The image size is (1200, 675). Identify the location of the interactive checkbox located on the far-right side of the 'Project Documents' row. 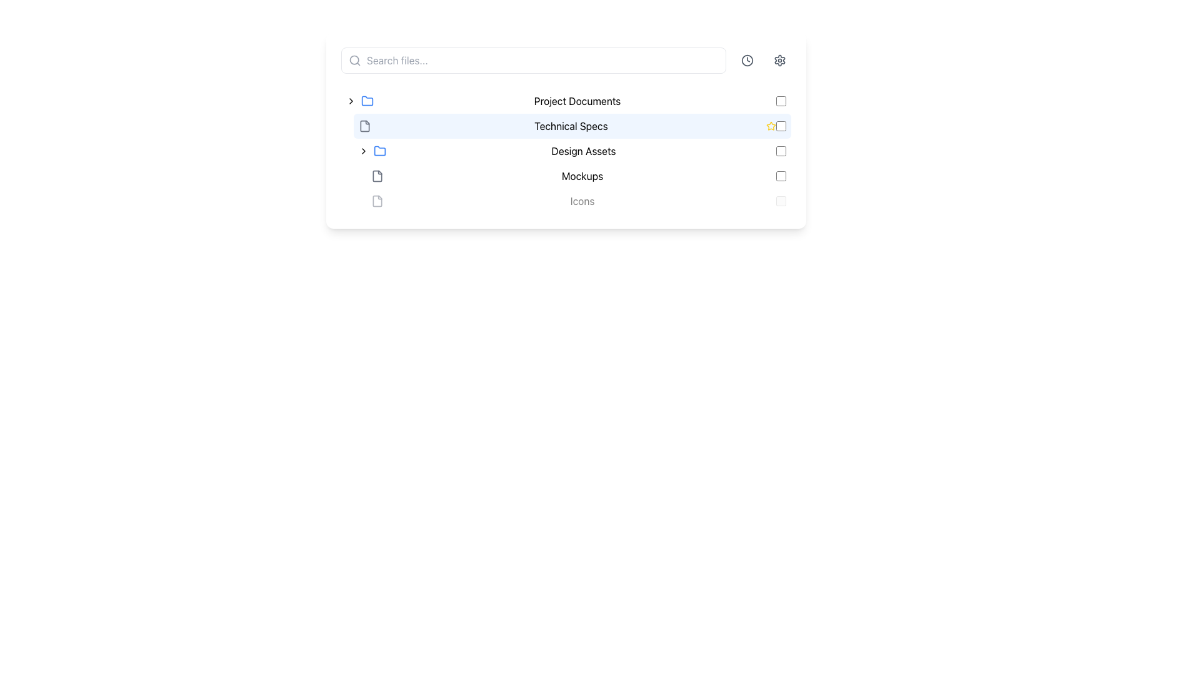
(780, 101).